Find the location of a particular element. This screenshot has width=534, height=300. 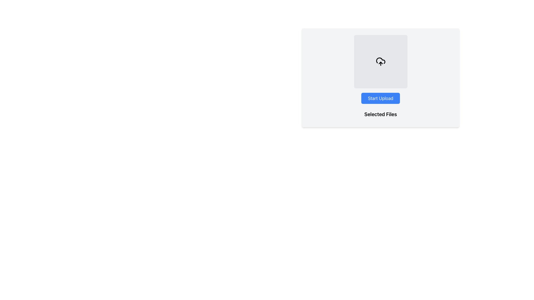

files onto the file-selection input area located centrally above the blue 'Start Upload' button is located at coordinates (380, 62).